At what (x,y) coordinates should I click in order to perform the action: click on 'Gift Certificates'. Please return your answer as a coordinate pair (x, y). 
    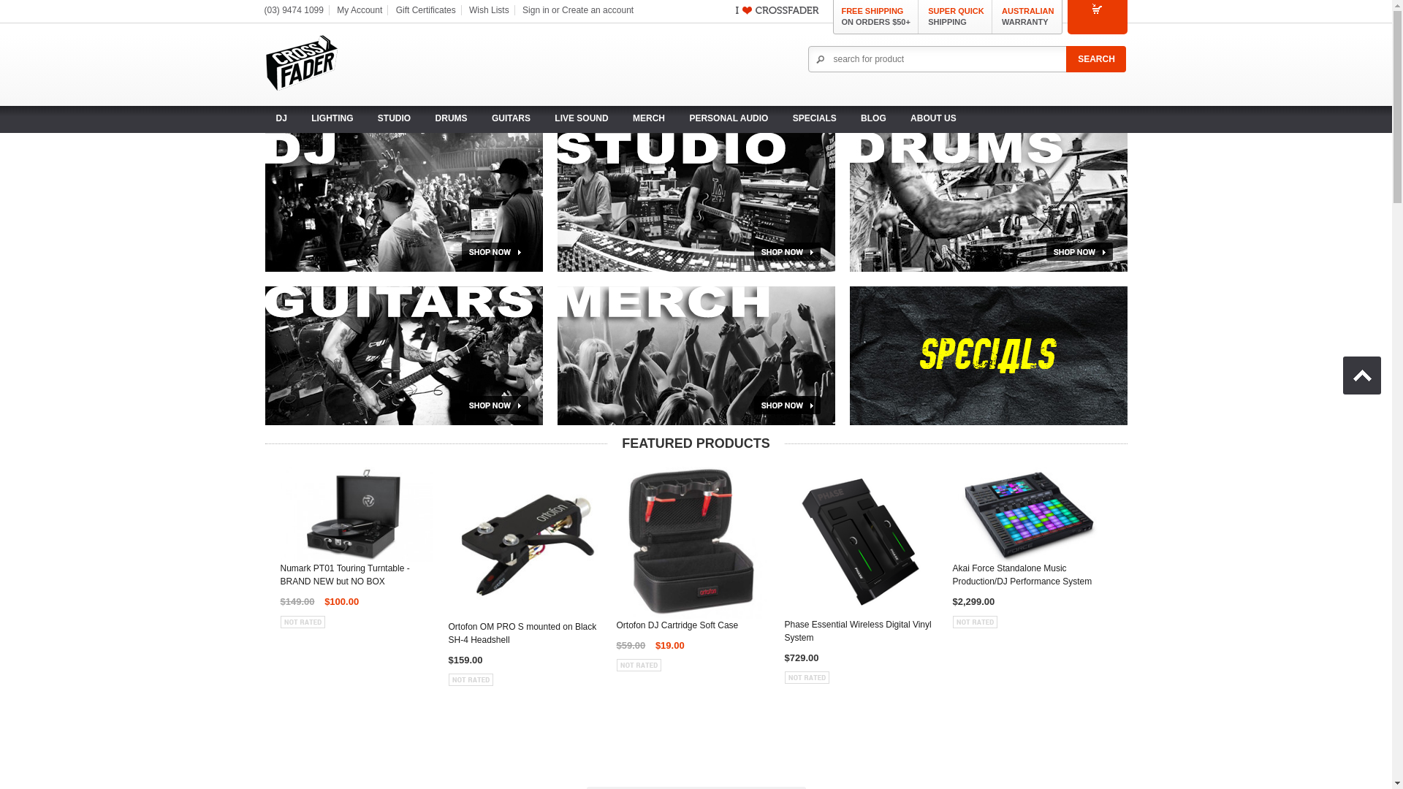
    Looking at the image, I should click on (425, 10).